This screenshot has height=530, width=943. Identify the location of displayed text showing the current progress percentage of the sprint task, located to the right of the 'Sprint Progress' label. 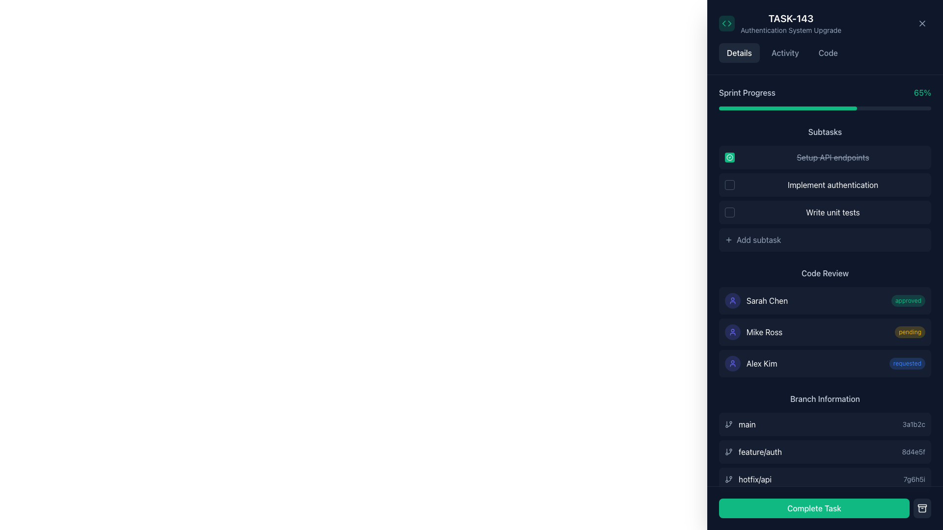
(922, 93).